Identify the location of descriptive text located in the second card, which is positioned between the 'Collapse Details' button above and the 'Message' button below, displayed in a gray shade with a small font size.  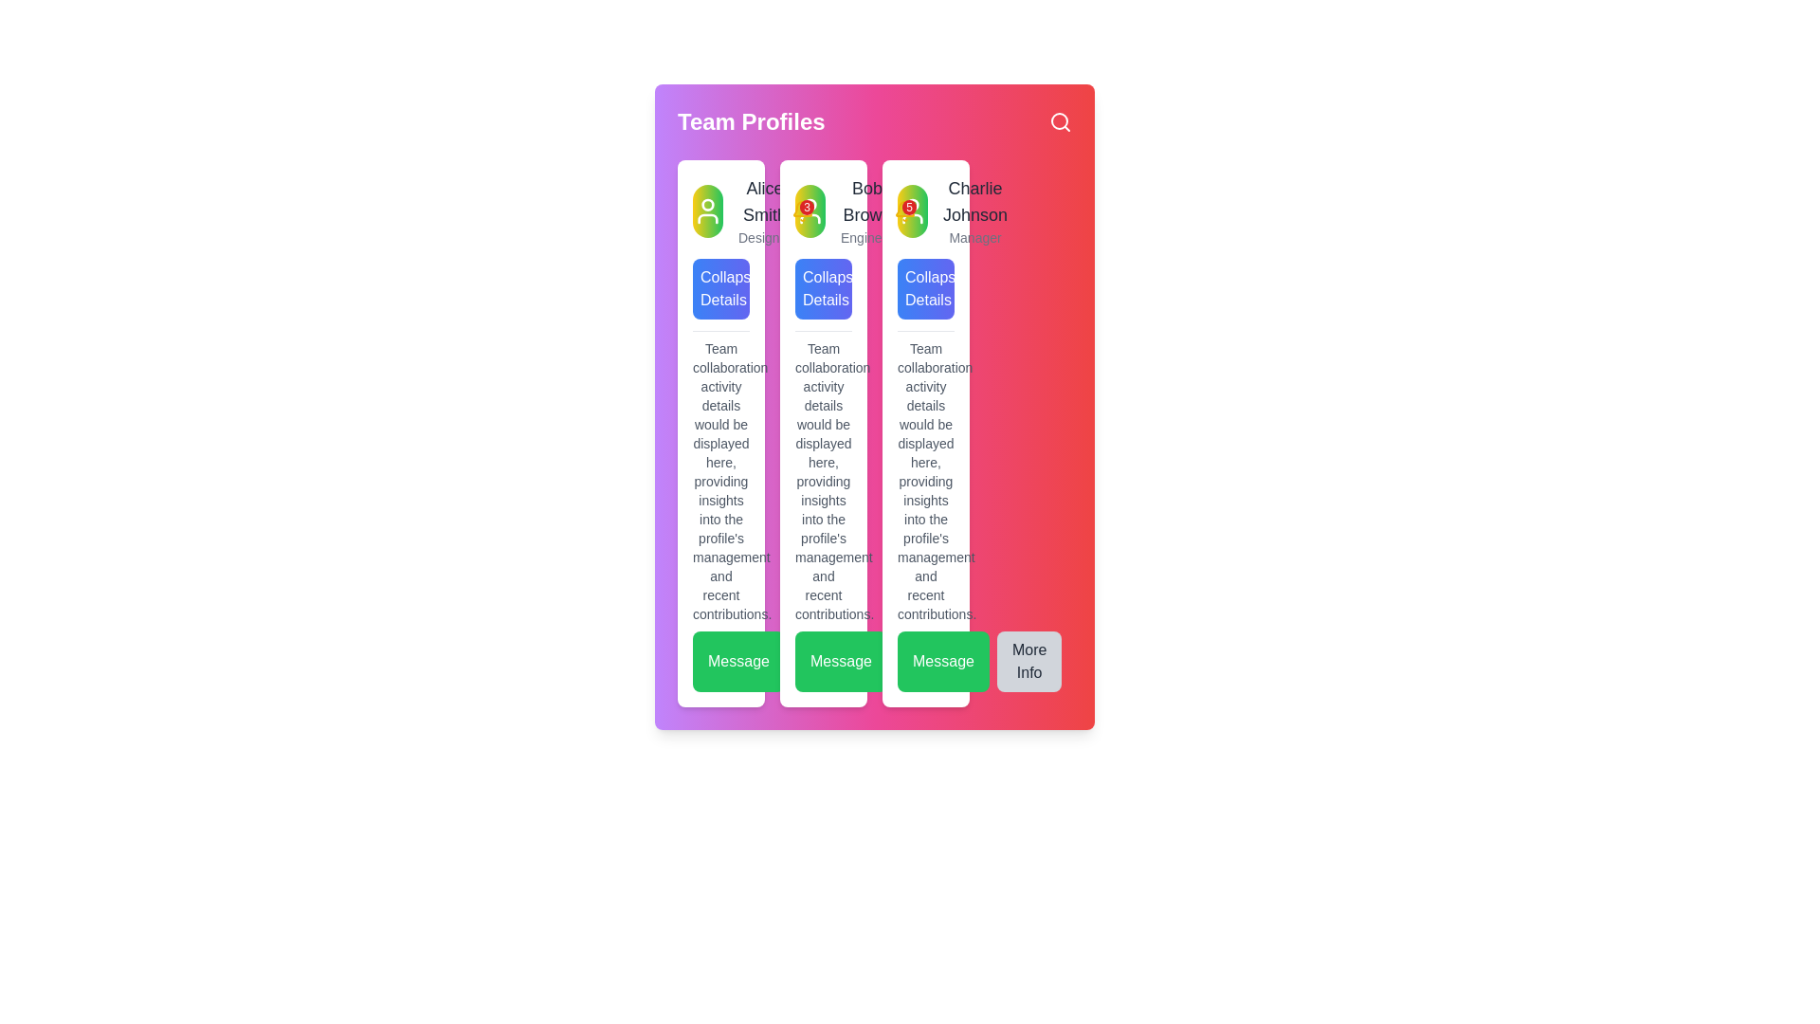
(823, 481).